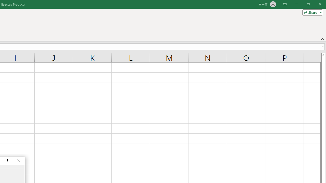  I want to click on 'Context help', so click(7, 161).